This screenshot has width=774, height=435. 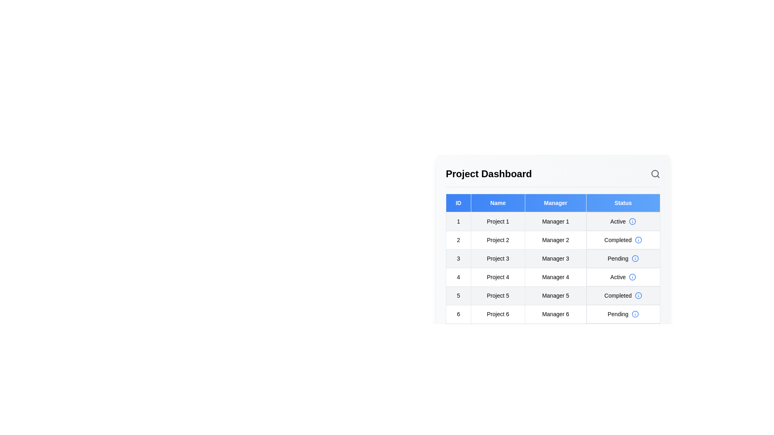 I want to click on the information icon for the status of project 3, so click(x=634, y=258).